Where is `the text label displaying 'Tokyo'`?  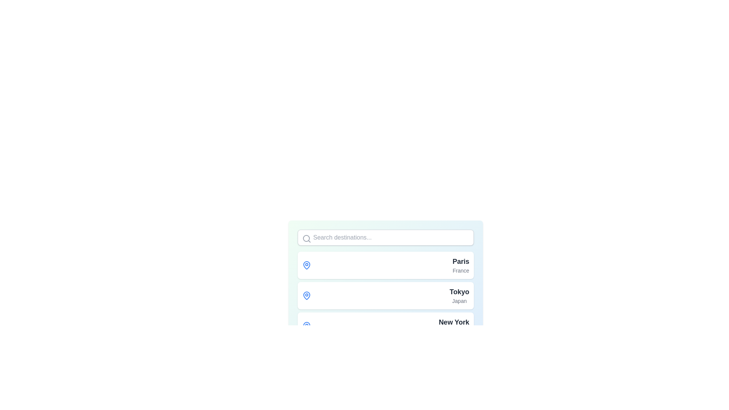
the text label displaying 'Tokyo' is located at coordinates (459, 291).